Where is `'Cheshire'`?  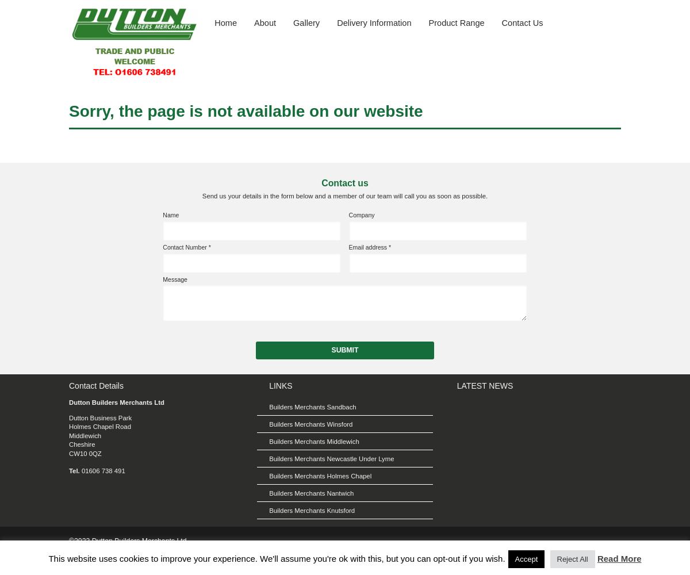 'Cheshire' is located at coordinates (82, 444).